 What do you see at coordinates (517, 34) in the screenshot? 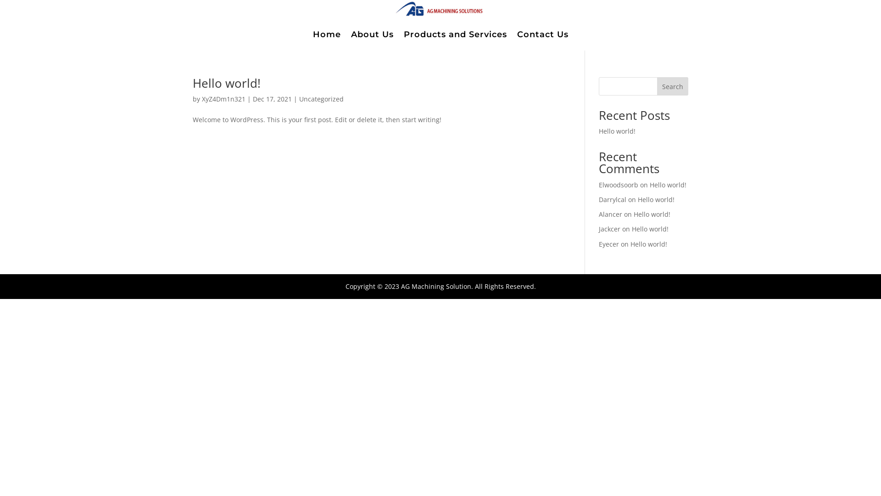
I see `'Contact Us'` at bounding box center [517, 34].